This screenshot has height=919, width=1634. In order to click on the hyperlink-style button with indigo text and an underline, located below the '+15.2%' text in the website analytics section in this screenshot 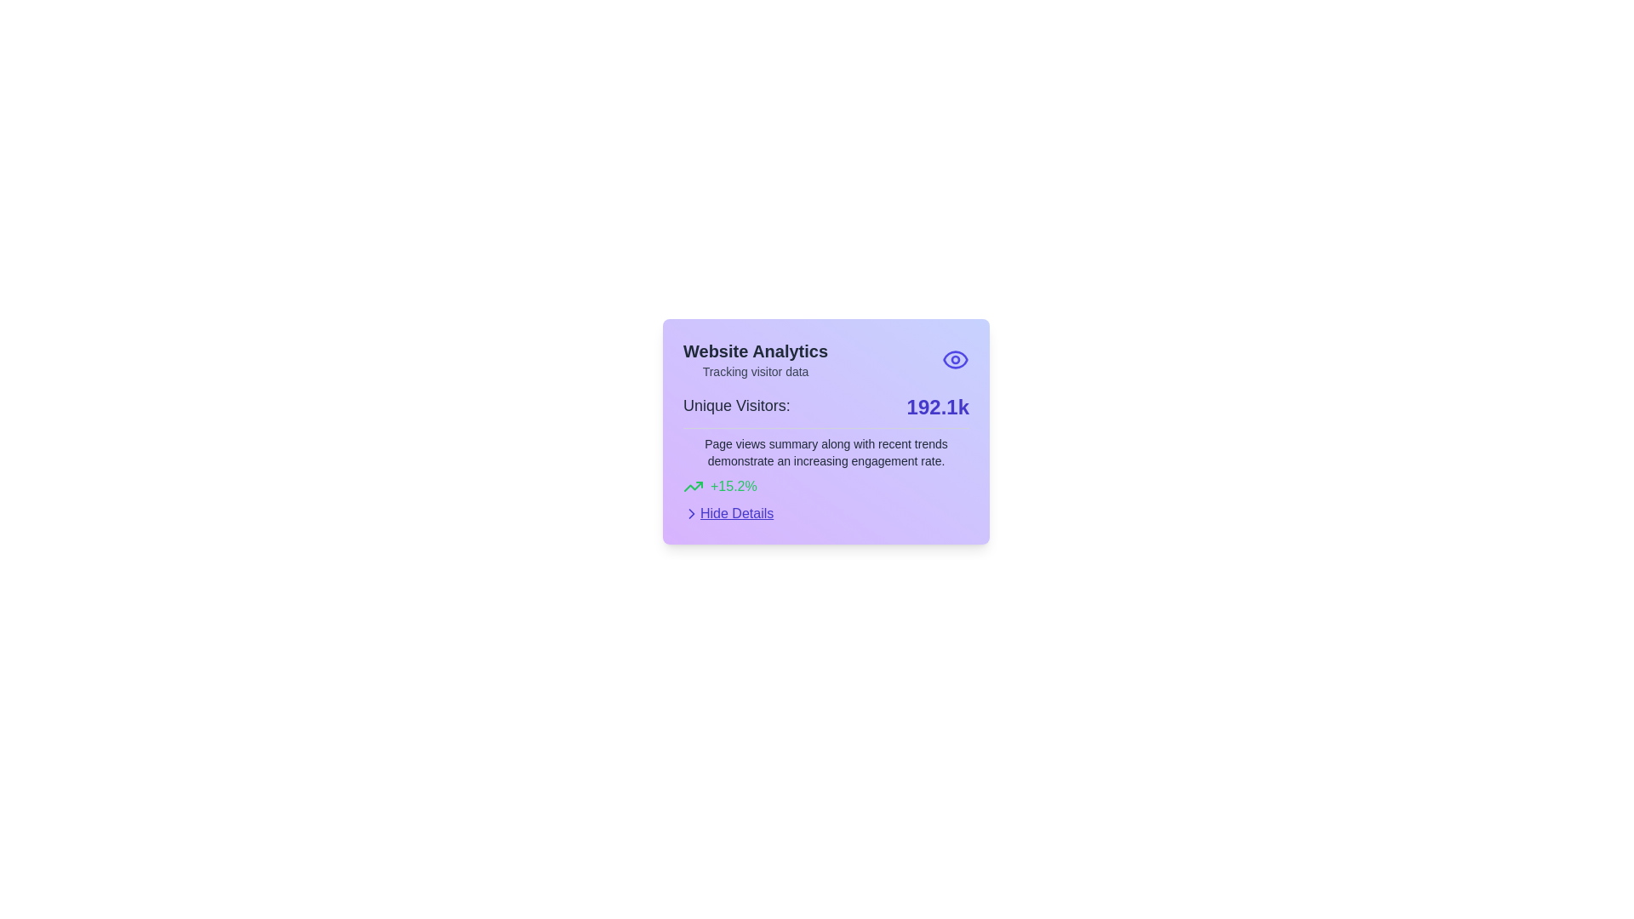, I will do `click(728, 513)`.